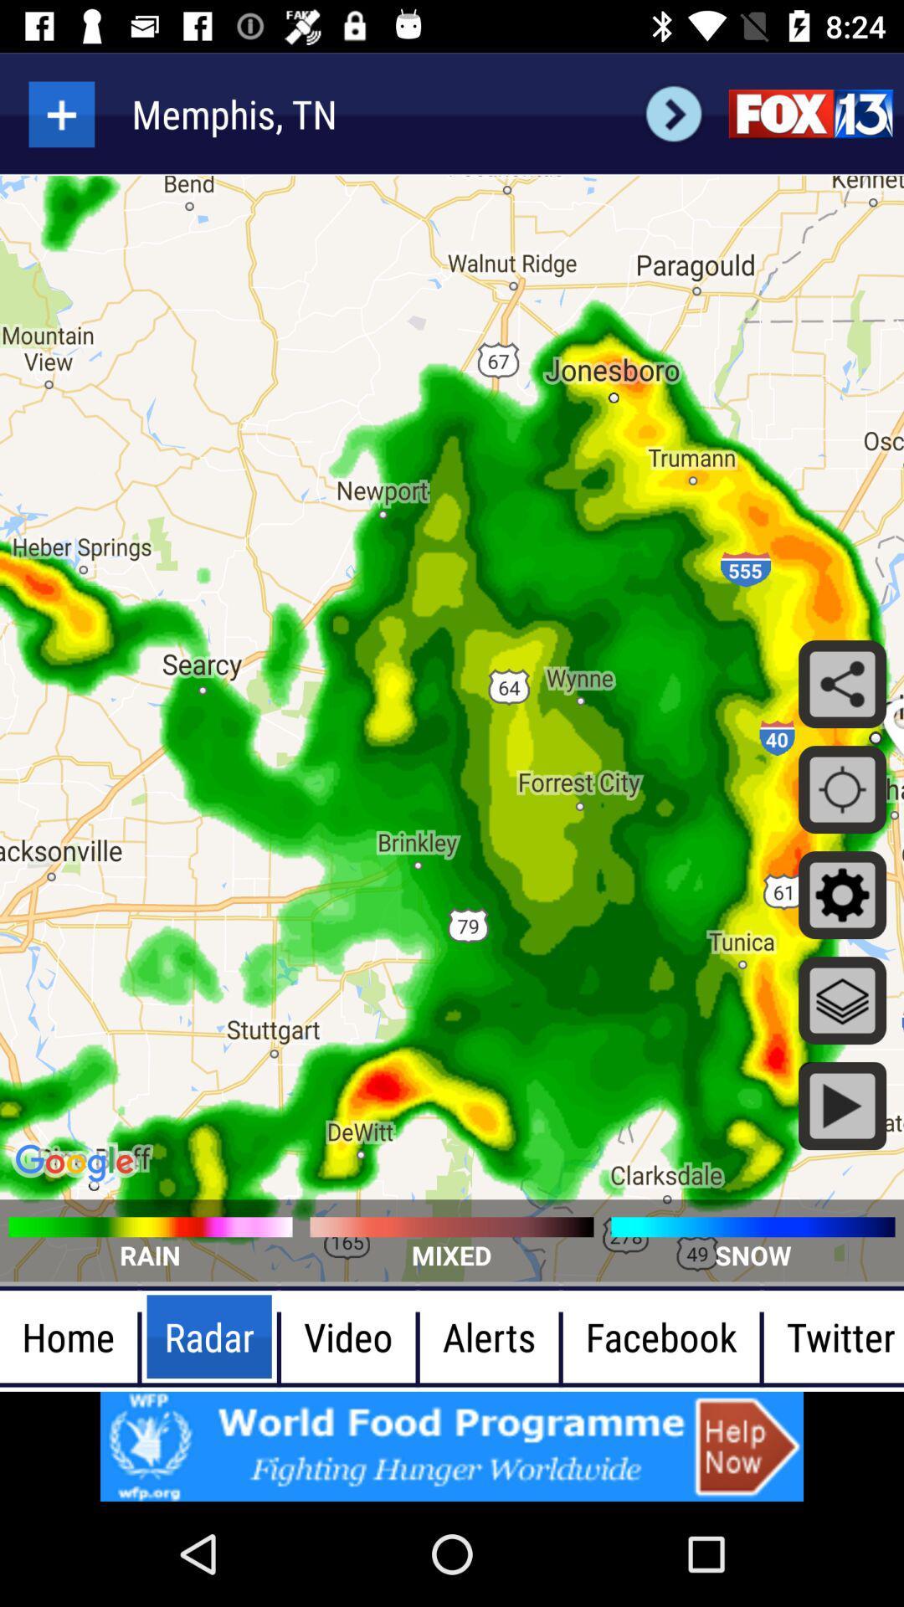 The height and width of the screenshot is (1607, 904). What do you see at coordinates (452, 1226) in the screenshot?
I see `the image above the text mixed on the web page` at bounding box center [452, 1226].